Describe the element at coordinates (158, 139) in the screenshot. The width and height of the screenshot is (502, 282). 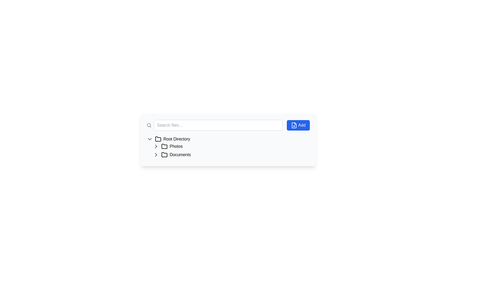
I see `the folder icon located` at that location.